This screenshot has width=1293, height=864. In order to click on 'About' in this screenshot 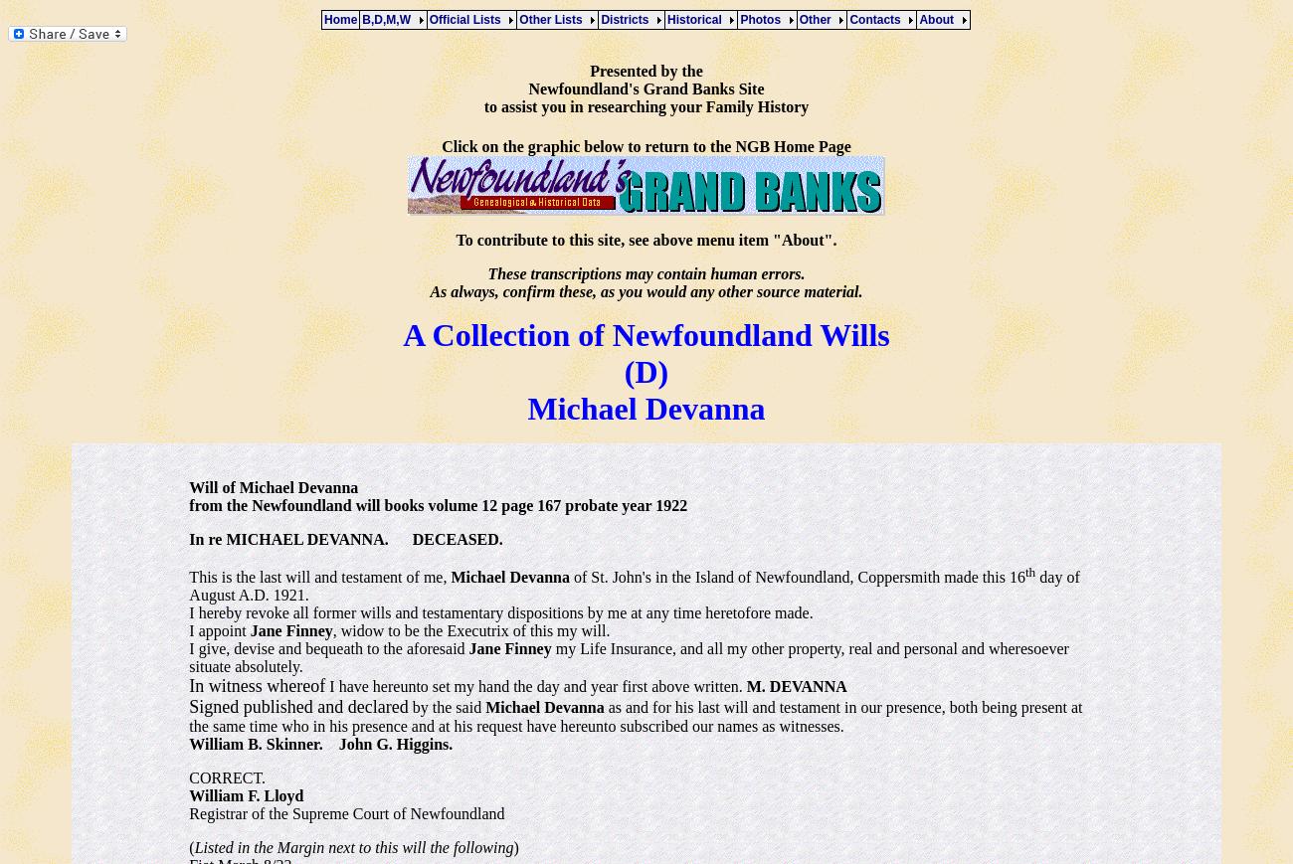, I will do `click(919, 18)`.